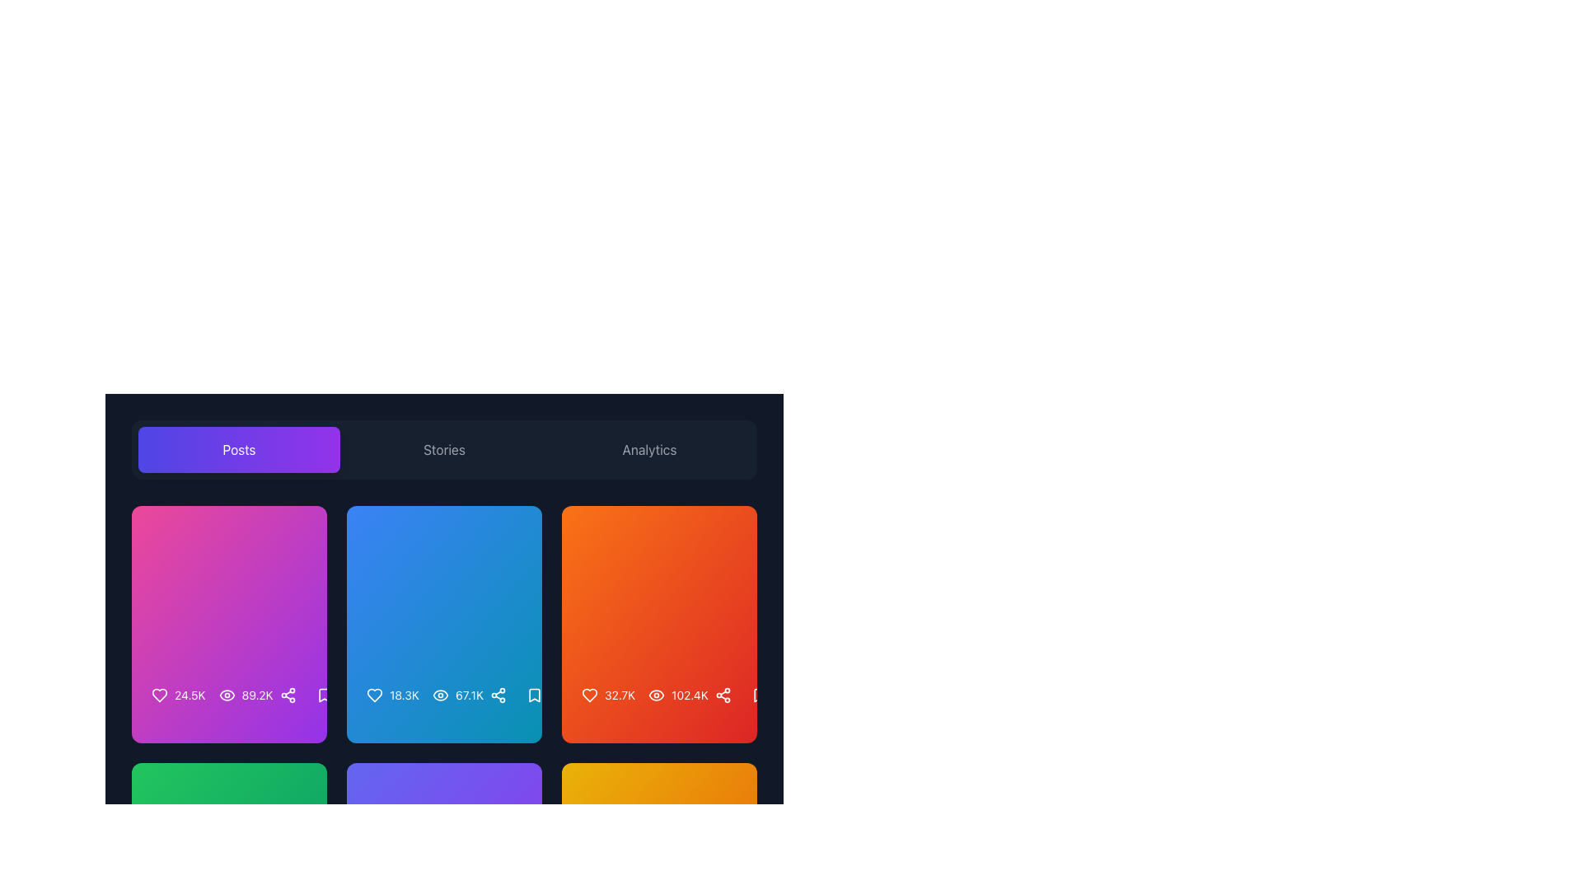 The image size is (1582, 890). What do you see at coordinates (723, 696) in the screenshot?
I see `the share button located at the bottom-right corner of the orange gradient card, which is the leftmost button in a group of buttons` at bounding box center [723, 696].